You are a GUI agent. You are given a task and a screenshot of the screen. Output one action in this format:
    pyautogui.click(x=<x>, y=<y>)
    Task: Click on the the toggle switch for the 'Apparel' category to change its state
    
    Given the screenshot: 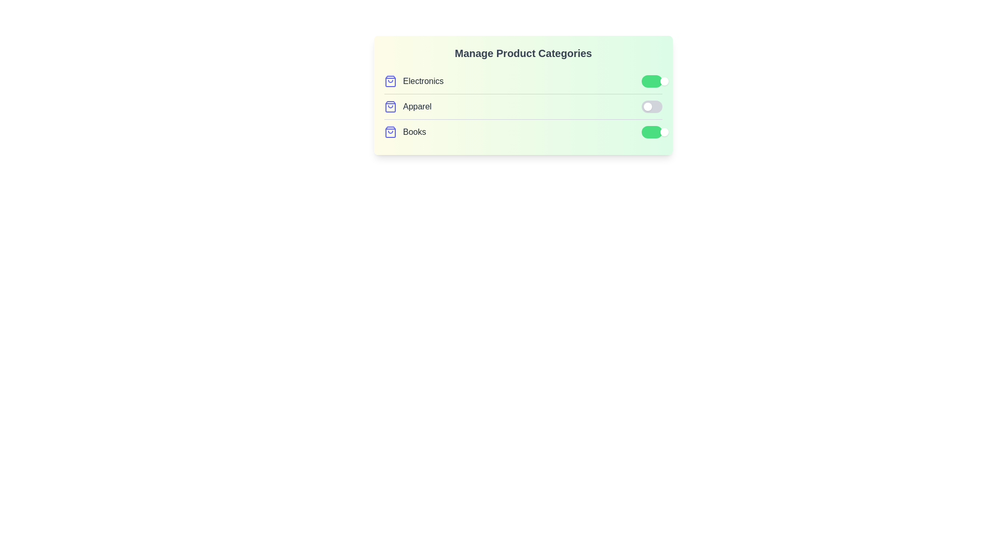 What is the action you would take?
    pyautogui.click(x=652, y=106)
    